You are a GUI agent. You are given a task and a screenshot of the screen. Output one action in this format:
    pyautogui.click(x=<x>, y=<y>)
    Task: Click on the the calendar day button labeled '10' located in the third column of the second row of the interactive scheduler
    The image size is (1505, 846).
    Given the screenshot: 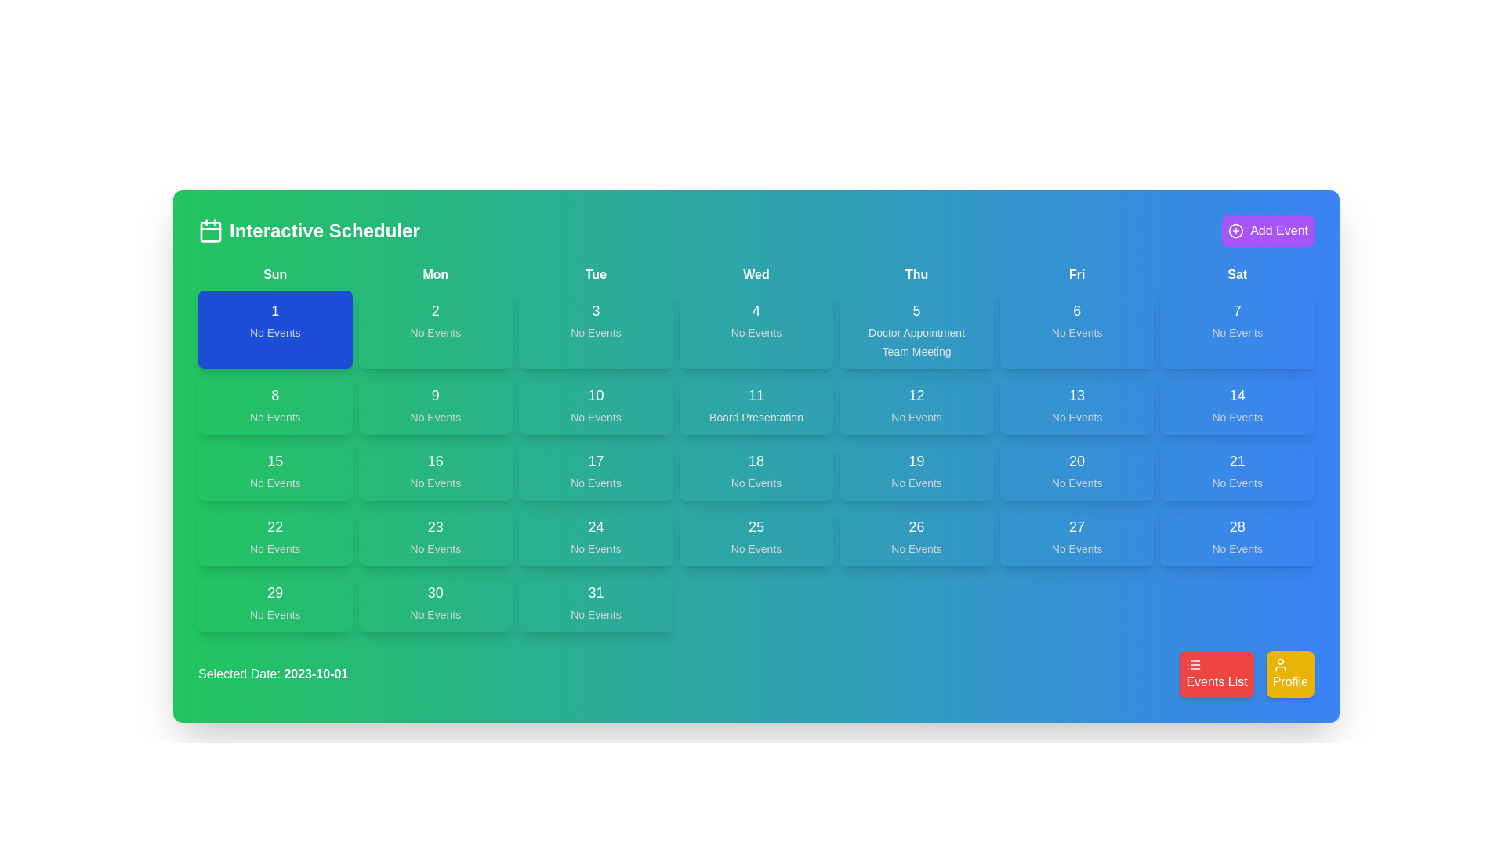 What is the action you would take?
    pyautogui.click(x=595, y=403)
    